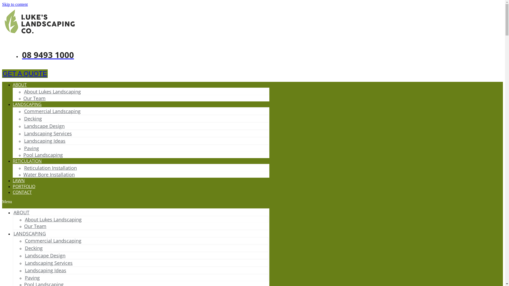  I want to click on 'About Lukes Landscaping', so click(52, 91).